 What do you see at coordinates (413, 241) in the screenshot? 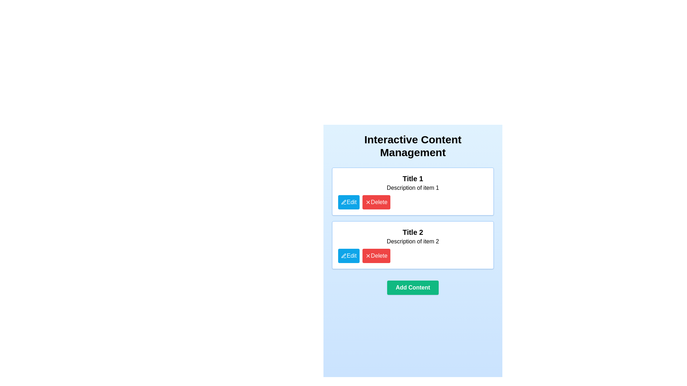
I see `the text label displaying 'Description of item 2', which is located beneath the bold title 'Title 2'` at bounding box center [413, 241].